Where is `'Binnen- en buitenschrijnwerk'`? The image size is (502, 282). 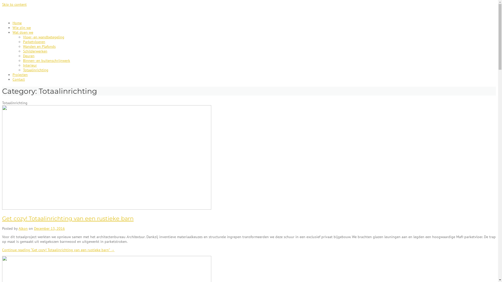
'Binnen- en buitenschrijnwerk' is located at coordinates (22, 60).